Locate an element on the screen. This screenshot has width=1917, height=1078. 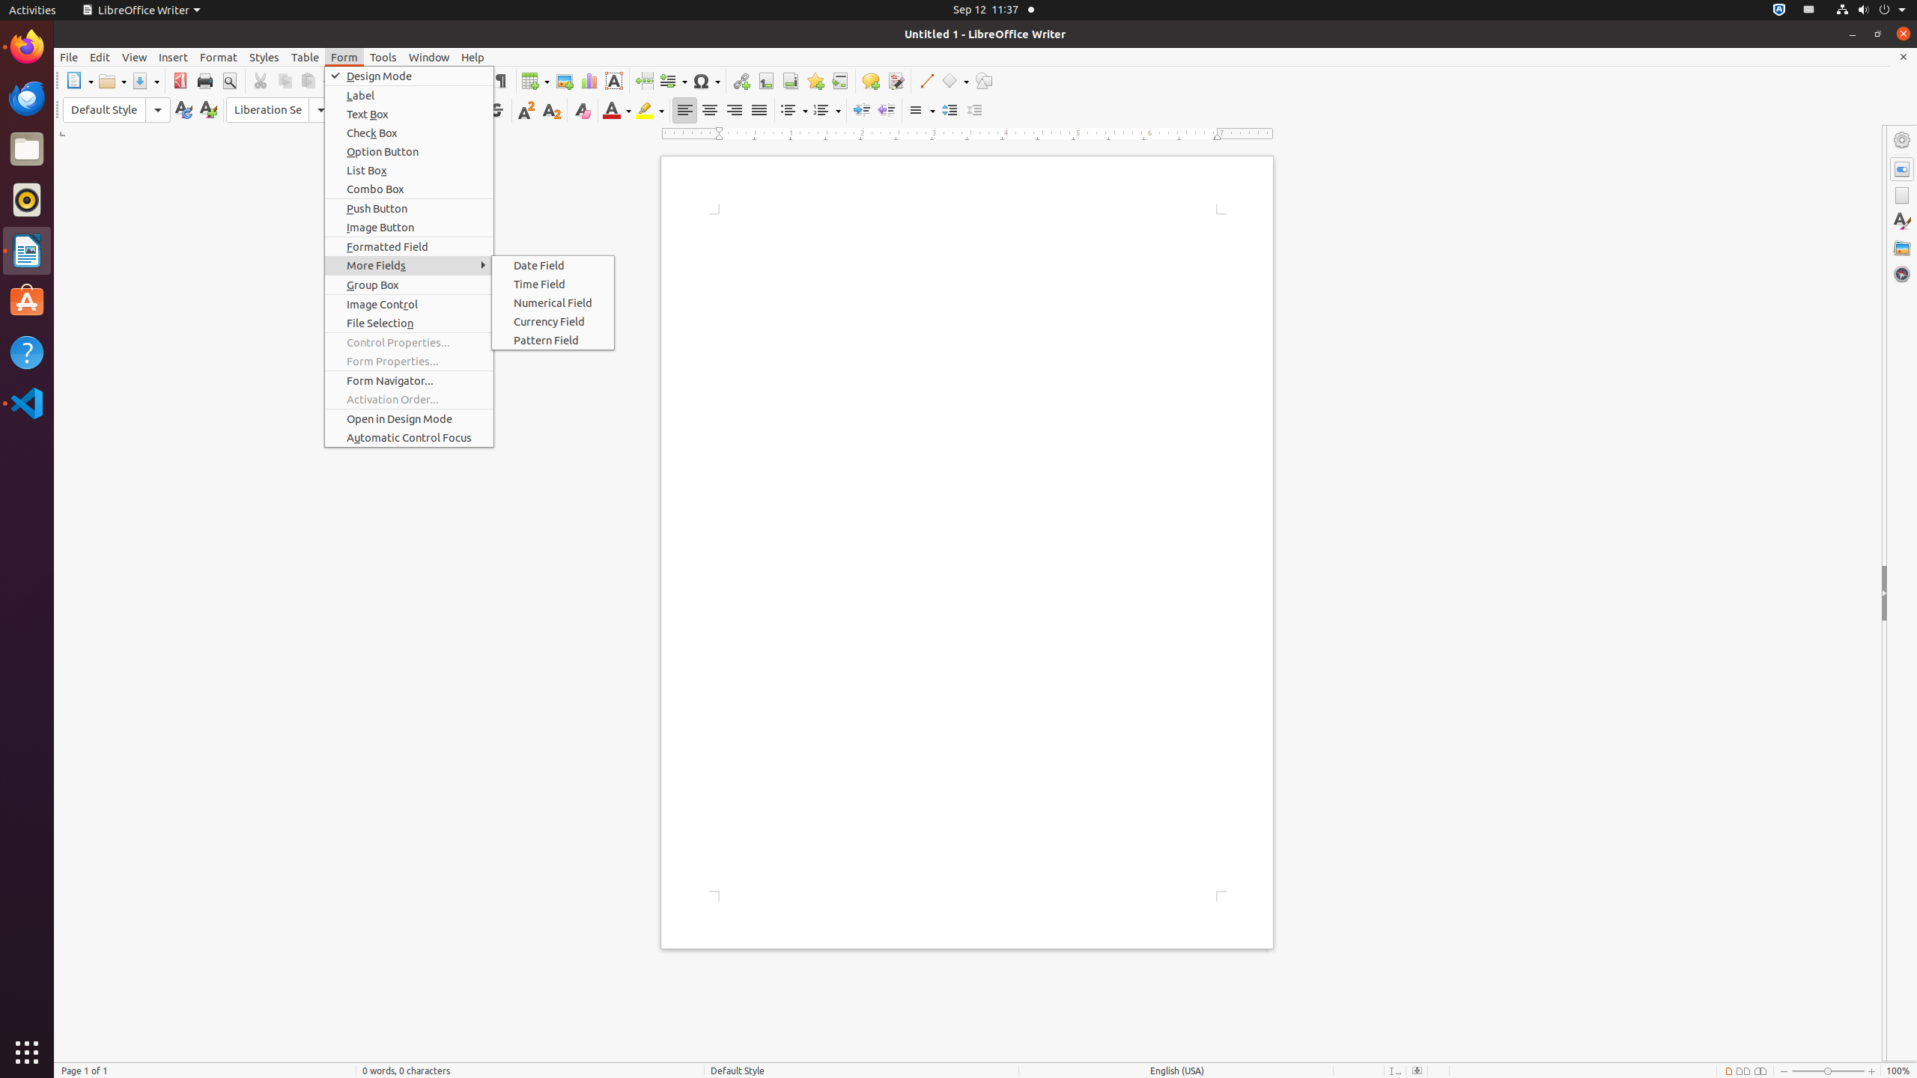
'Rhythmbox' is located at coordinates (27, 198).